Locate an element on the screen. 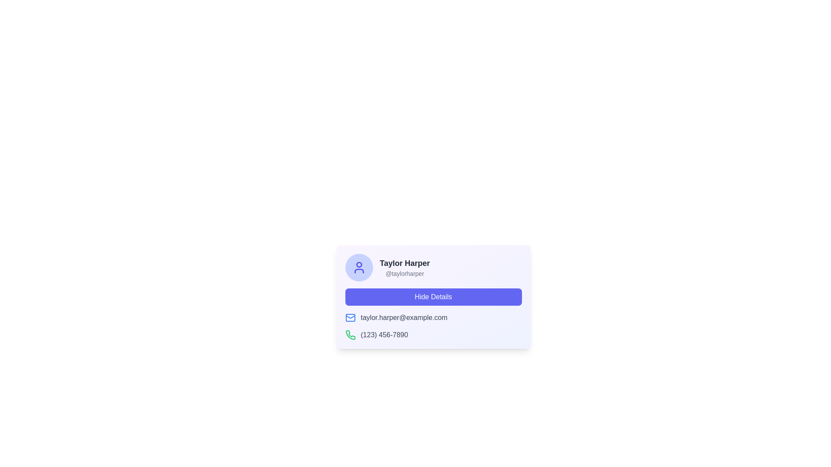 This screenshot has height=467, width=831. the text label representing the username or handle associated with the user 'Taylor Harper', located in the top center of the profile card section is located at coordinates (404, 273).